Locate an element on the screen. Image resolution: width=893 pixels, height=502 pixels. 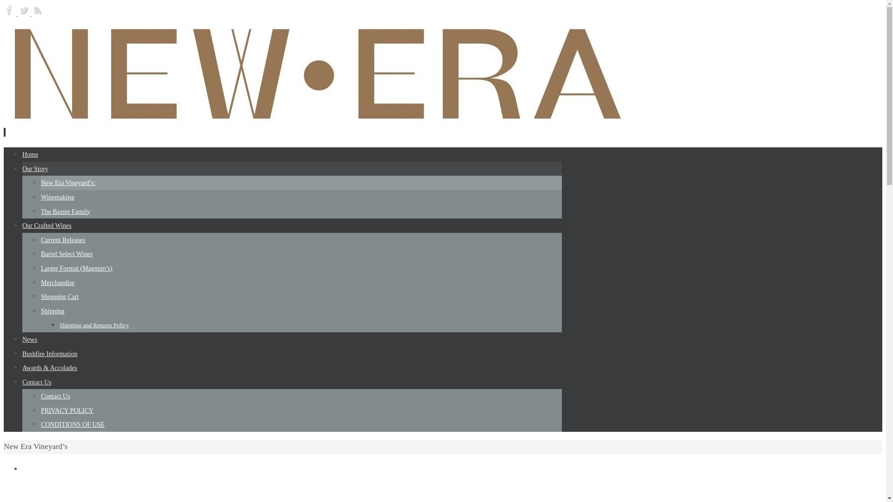
'Contact Us' is located at coordinates (37, 382).